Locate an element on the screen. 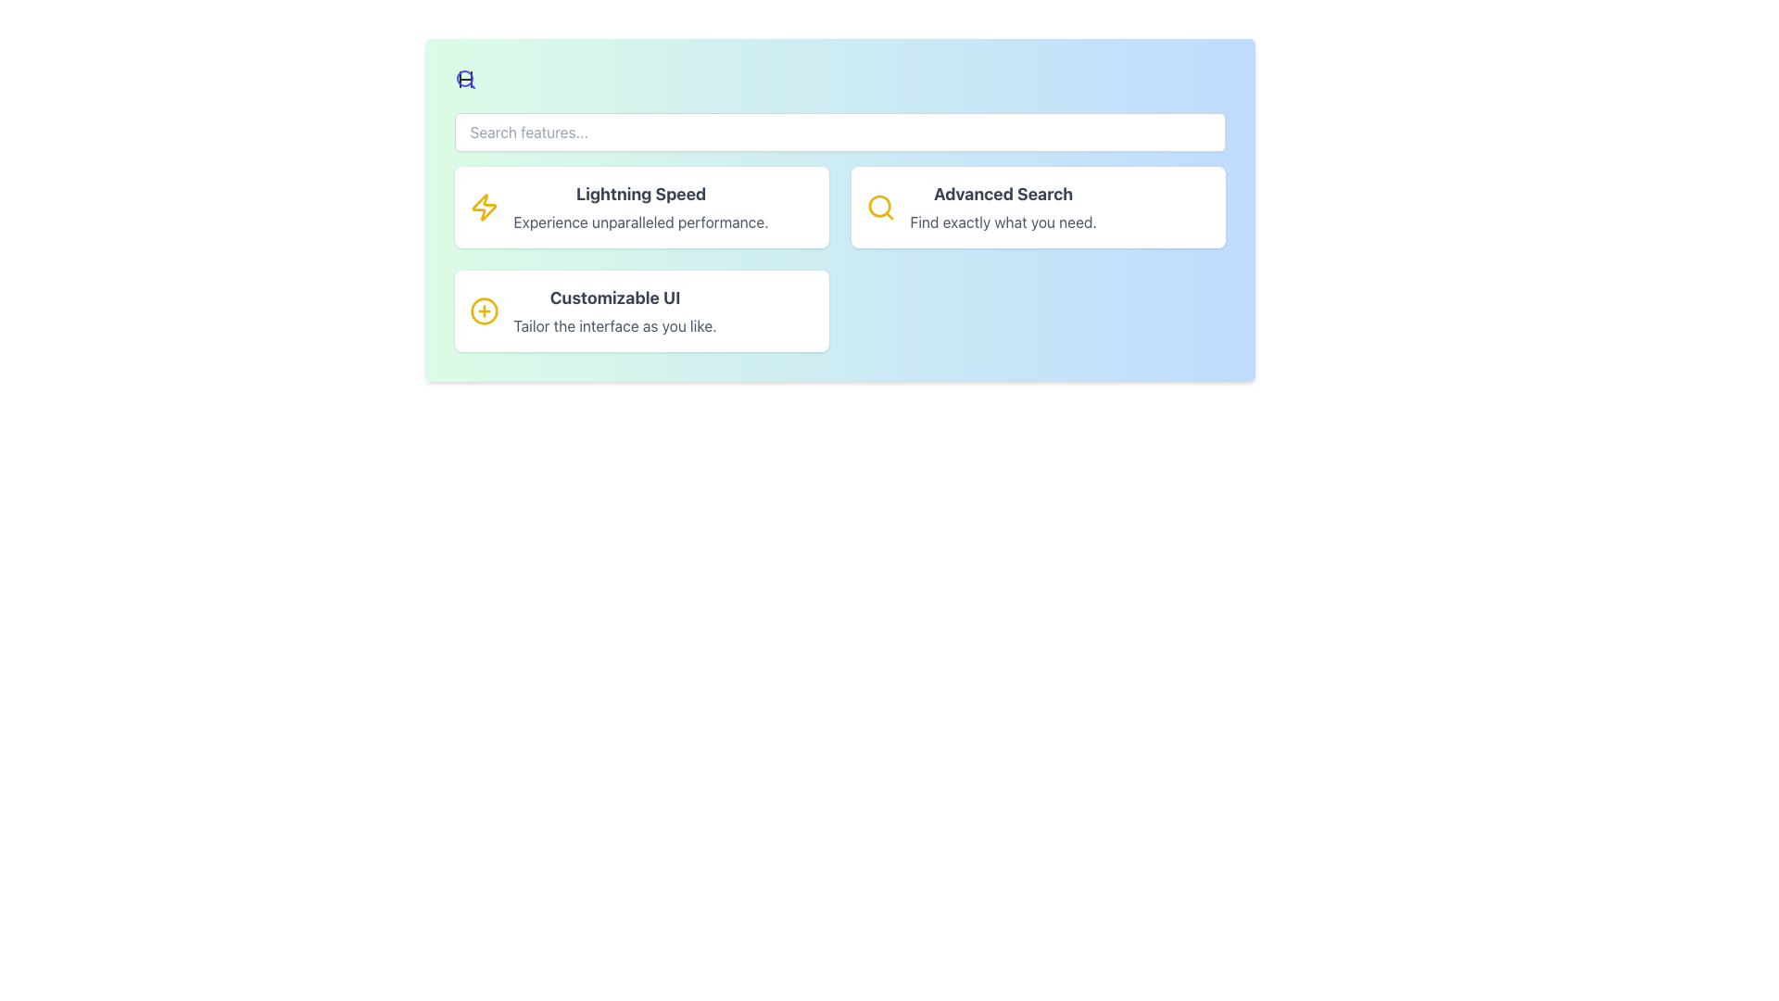 The image size is (1779, 1001). the descriptive Text Label that provides additional context for the 'Lightning Speed' feature, located below the 'Lightning Speed' text is located at coordinates (641, 221).